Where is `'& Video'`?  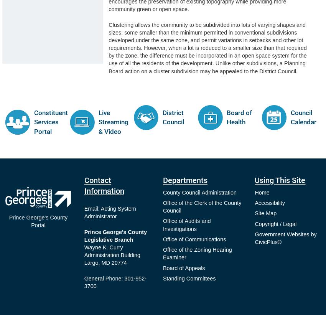
'& Video' is located at coordinates (98, 131).